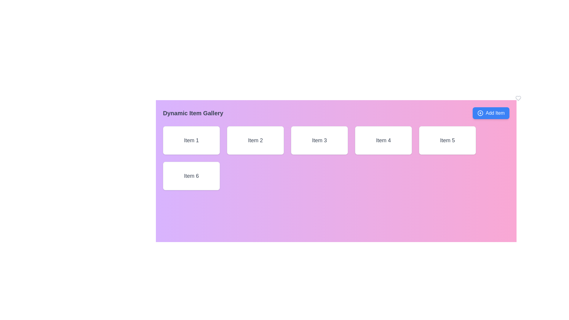  I want to click on the blue button labeled 'Add Item' with a plus sign icon to observe hover effects, so click(491, 113).